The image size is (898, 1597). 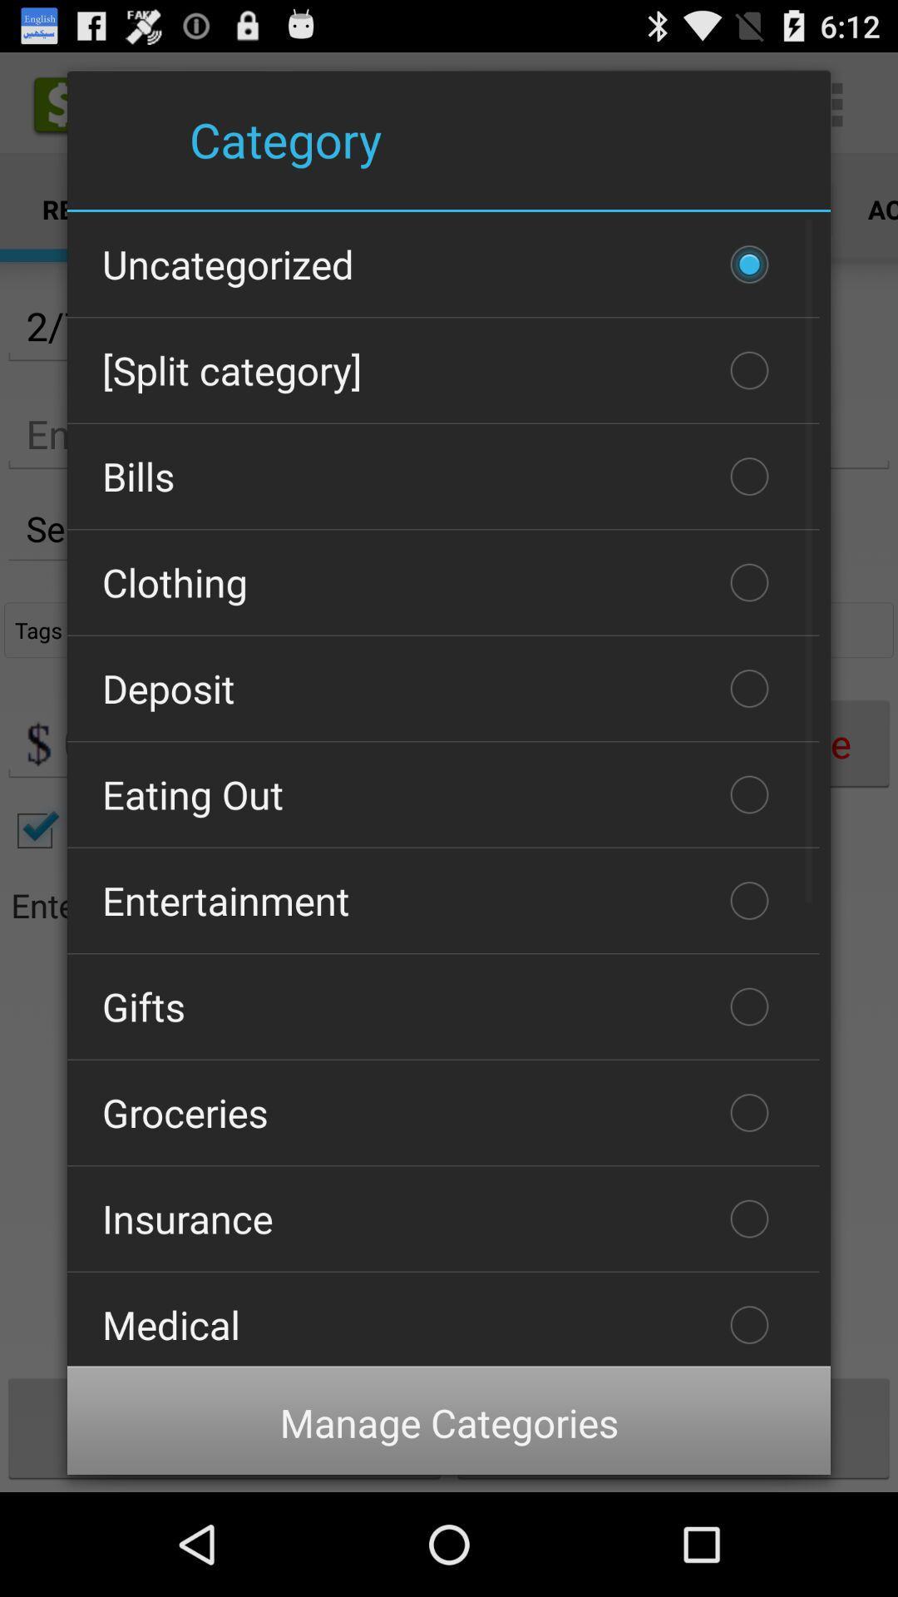 I want to click on manage categories button, so click(x=449, y=1421).